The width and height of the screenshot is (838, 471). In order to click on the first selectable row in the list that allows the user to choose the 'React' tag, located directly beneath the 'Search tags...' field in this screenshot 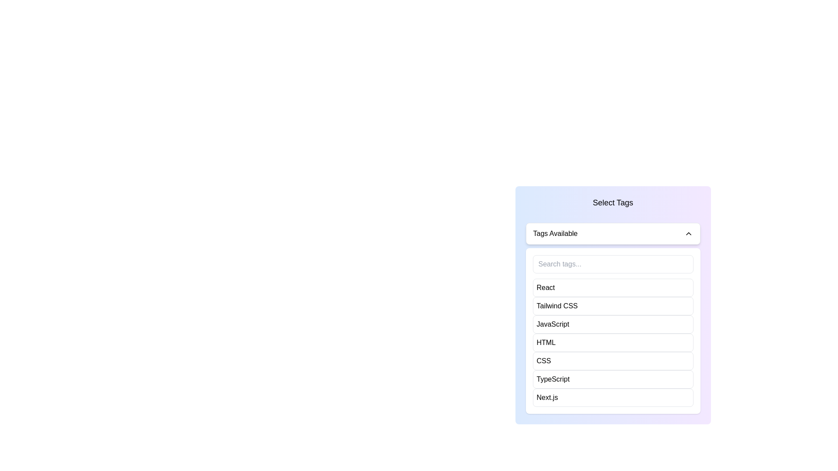, I will do `click(612, 287)`.